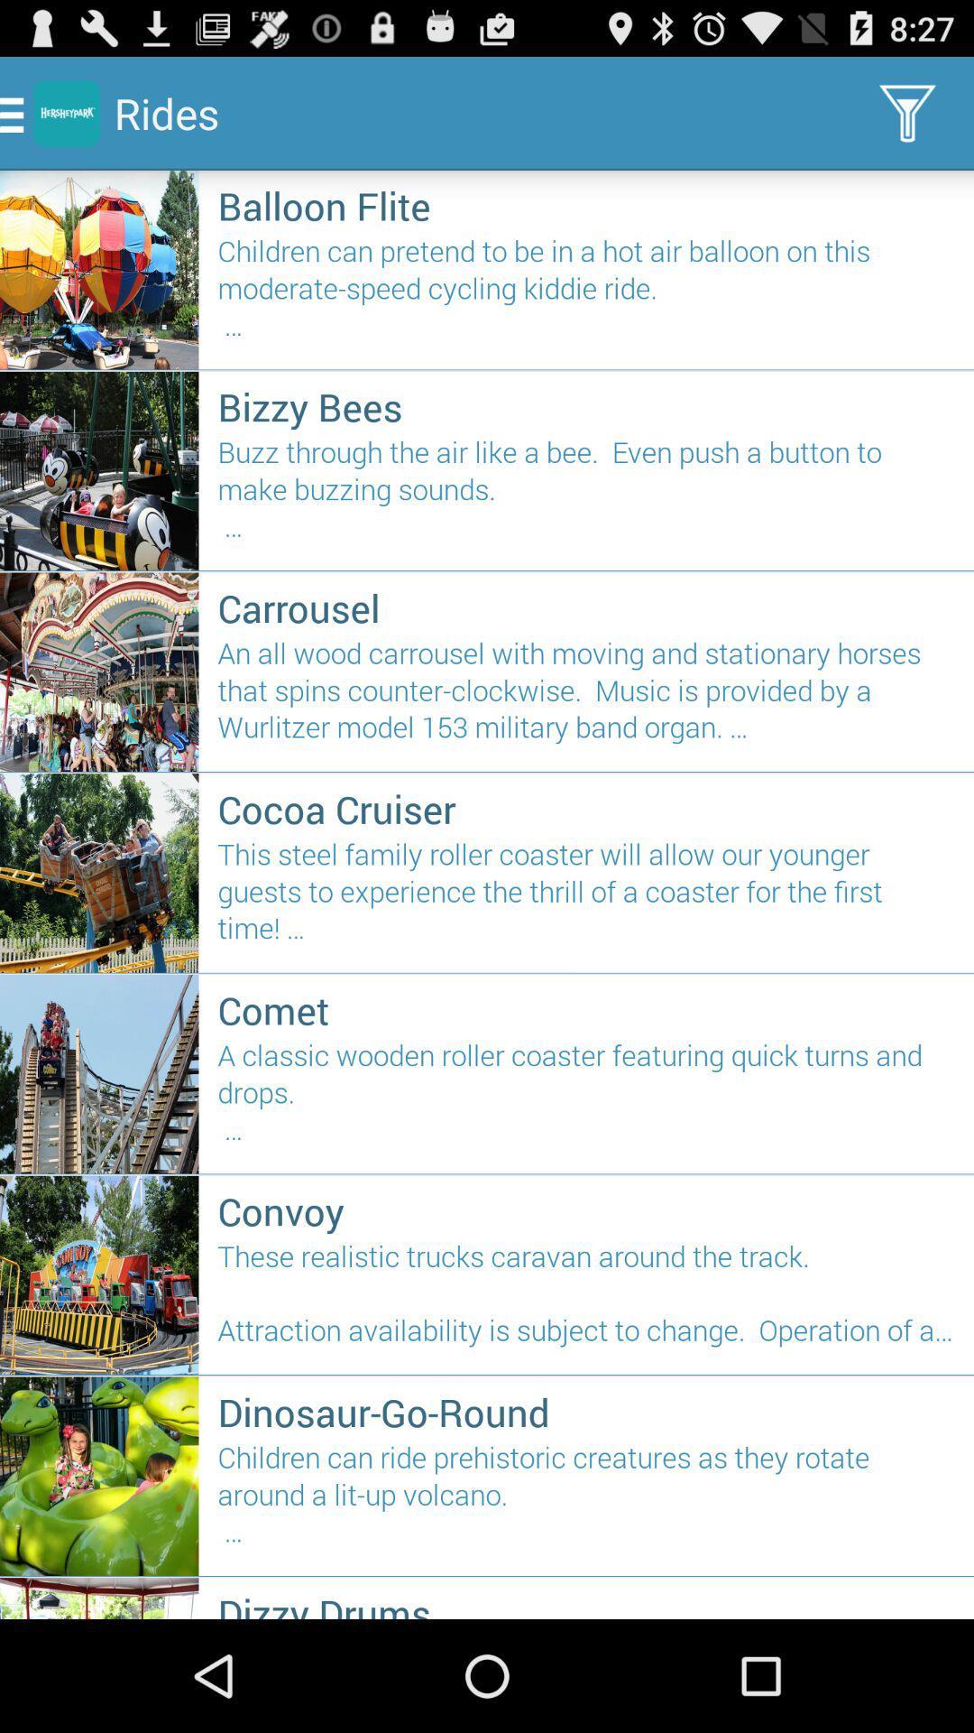 Image resolution: width=974 pixels, height=1733 pixels. I want to click on bizzy bees item, so click(586, 405).